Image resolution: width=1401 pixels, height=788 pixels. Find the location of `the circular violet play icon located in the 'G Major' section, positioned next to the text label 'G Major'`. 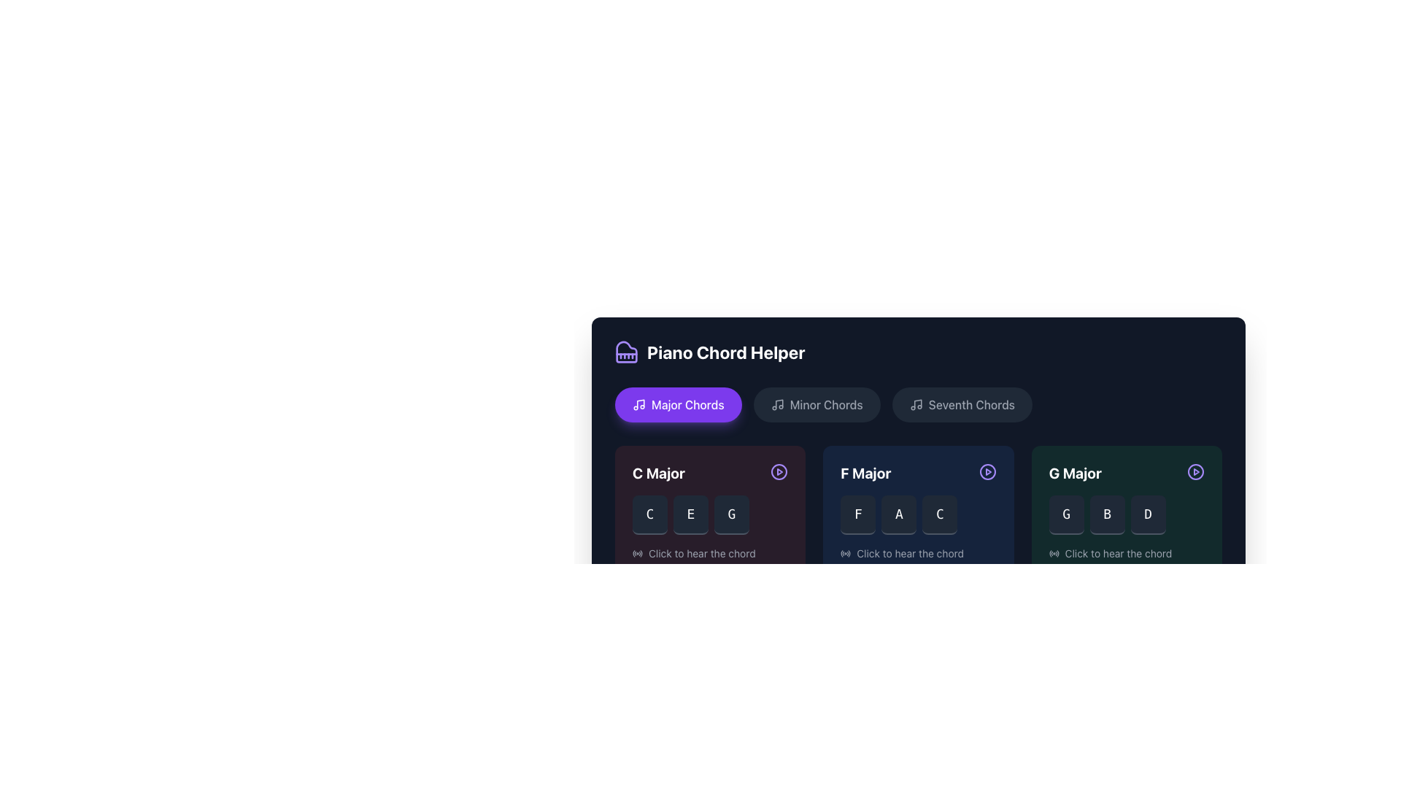

the circular violet play icon located in the 'G Major' section, positioned next to the text label 'G Major' is located at coordinates (1195, 472).